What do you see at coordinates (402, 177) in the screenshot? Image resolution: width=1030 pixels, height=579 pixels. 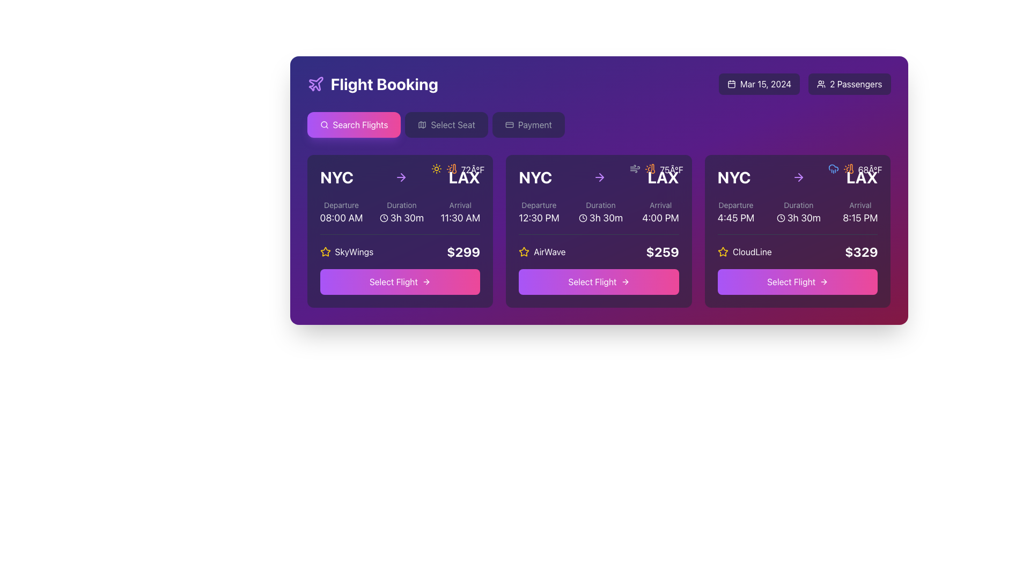 I see `the directional visual indicator icon located between the 'NYC' origin label and the 'LAX' destination label in the second flight information card` at bounding box center [402, 177].